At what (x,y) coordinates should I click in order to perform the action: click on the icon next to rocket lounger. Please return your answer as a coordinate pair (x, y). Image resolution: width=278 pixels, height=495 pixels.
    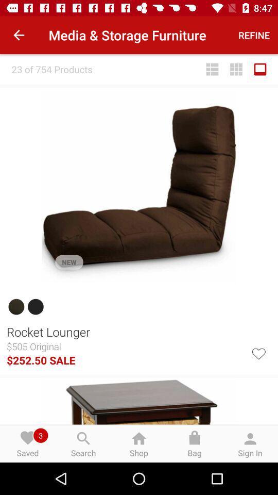
    Looking at the image, I should click on (258, 353).